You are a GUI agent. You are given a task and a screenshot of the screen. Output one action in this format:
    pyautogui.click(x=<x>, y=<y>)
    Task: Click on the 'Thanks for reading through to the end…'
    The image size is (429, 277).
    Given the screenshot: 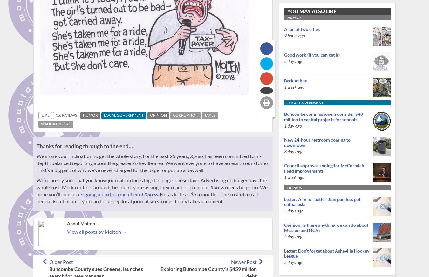 What is the action you would take?
    pyautogui.click(x=84, y=146)
    